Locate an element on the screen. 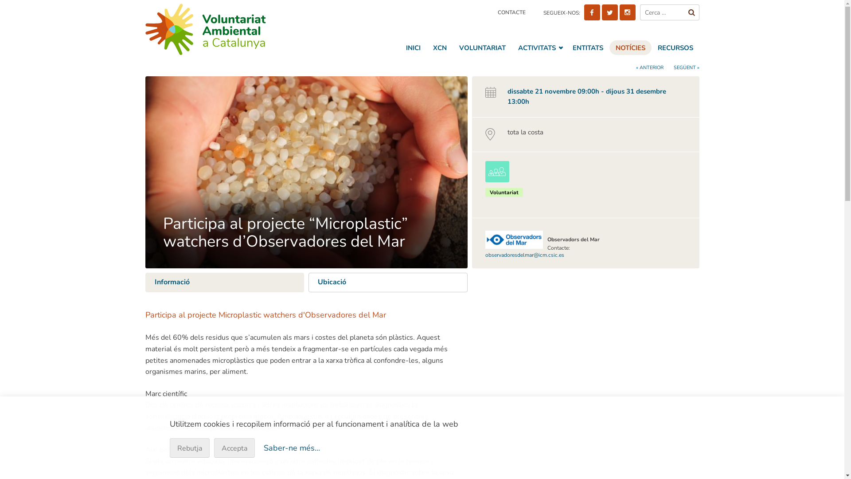 This screenshot has width=851, height=479. 'Instagram' is located at coordinates (619, 12).